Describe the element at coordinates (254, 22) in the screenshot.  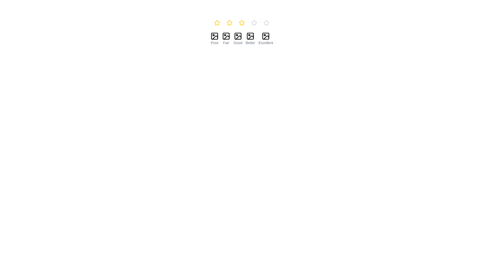
I see `the fourth star icon in the star rating` at that location.